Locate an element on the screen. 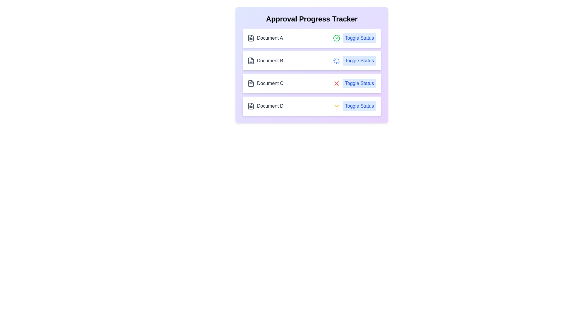 Image resolution: width=573 pixels, height=322 pixels. the checkmark icon indicating approval status for 'Document A' in the 'Approval Progress Tracker' section is located at coordinates (338, 37).